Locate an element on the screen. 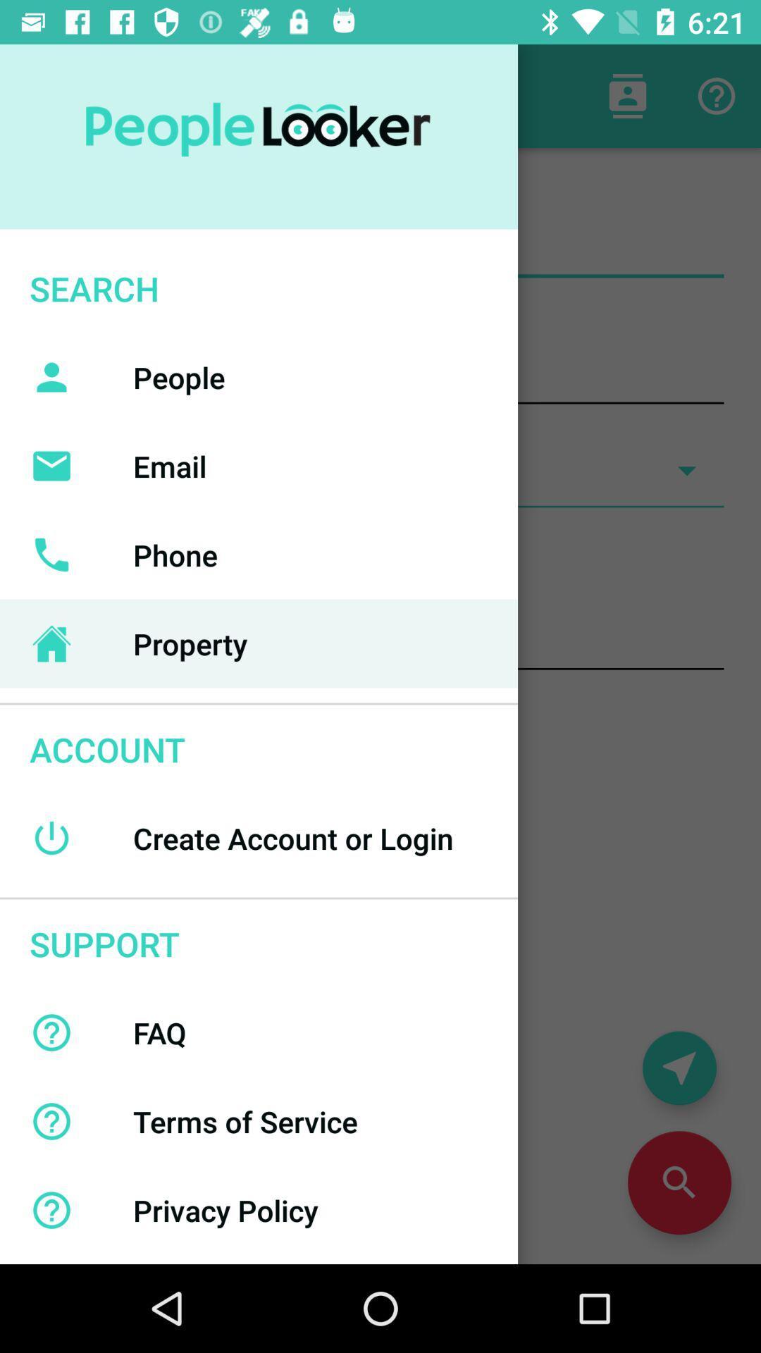 The image size is (761, 1353). the navigation icon is located at coordinates (679, 1068).